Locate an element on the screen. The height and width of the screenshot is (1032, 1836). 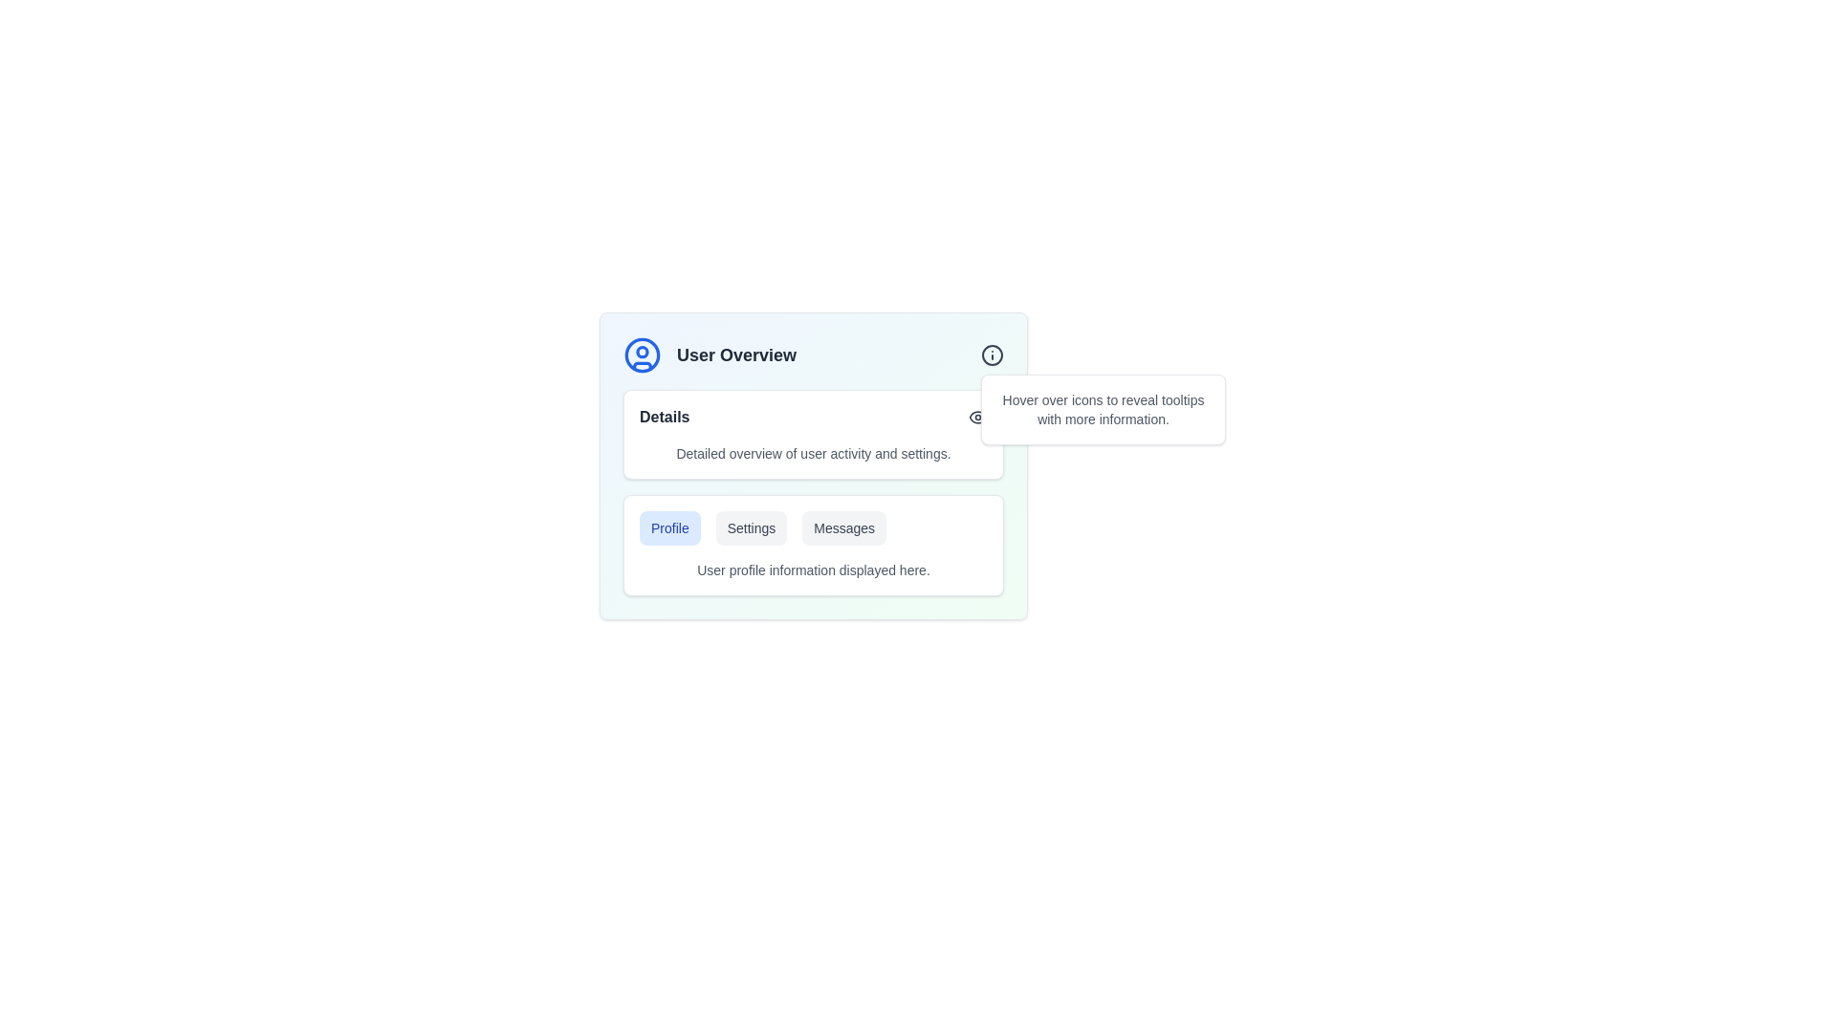
the SVG circle located at the top-right corner of the 'User Overview' card, which serves as part of an informative icon hint is located at coordinates (992, 355).